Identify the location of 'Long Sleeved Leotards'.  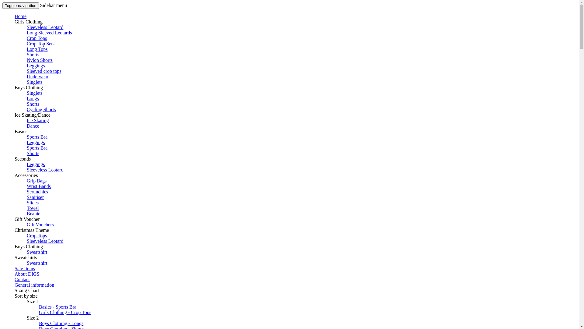
(26, 33).